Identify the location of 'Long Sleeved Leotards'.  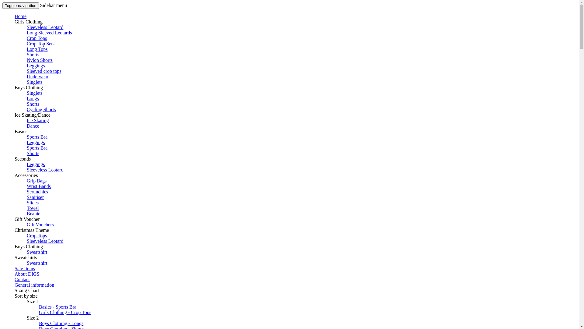
(26, 33).